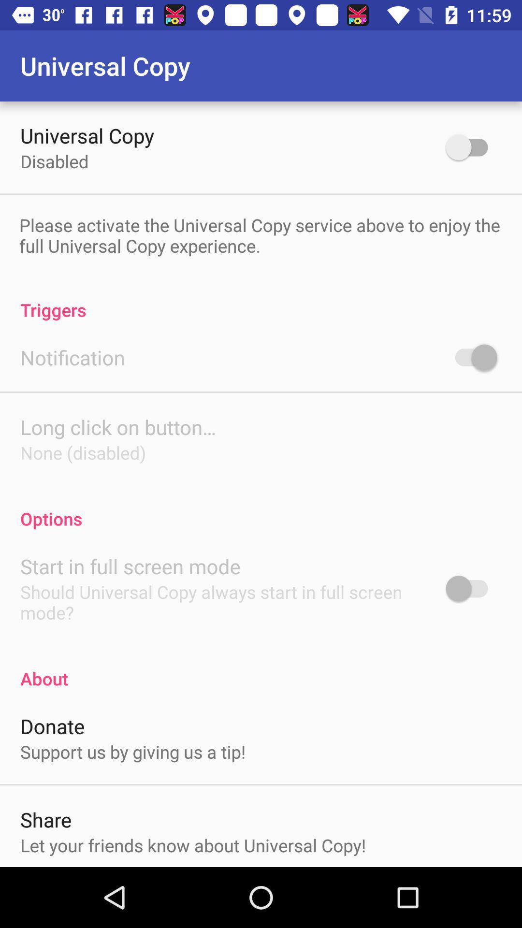 The height and width of the screenshot is (928, 522). Describe the element at coordinates (72, 357) in the screenshot. I see `item above long click on icon` at that location.